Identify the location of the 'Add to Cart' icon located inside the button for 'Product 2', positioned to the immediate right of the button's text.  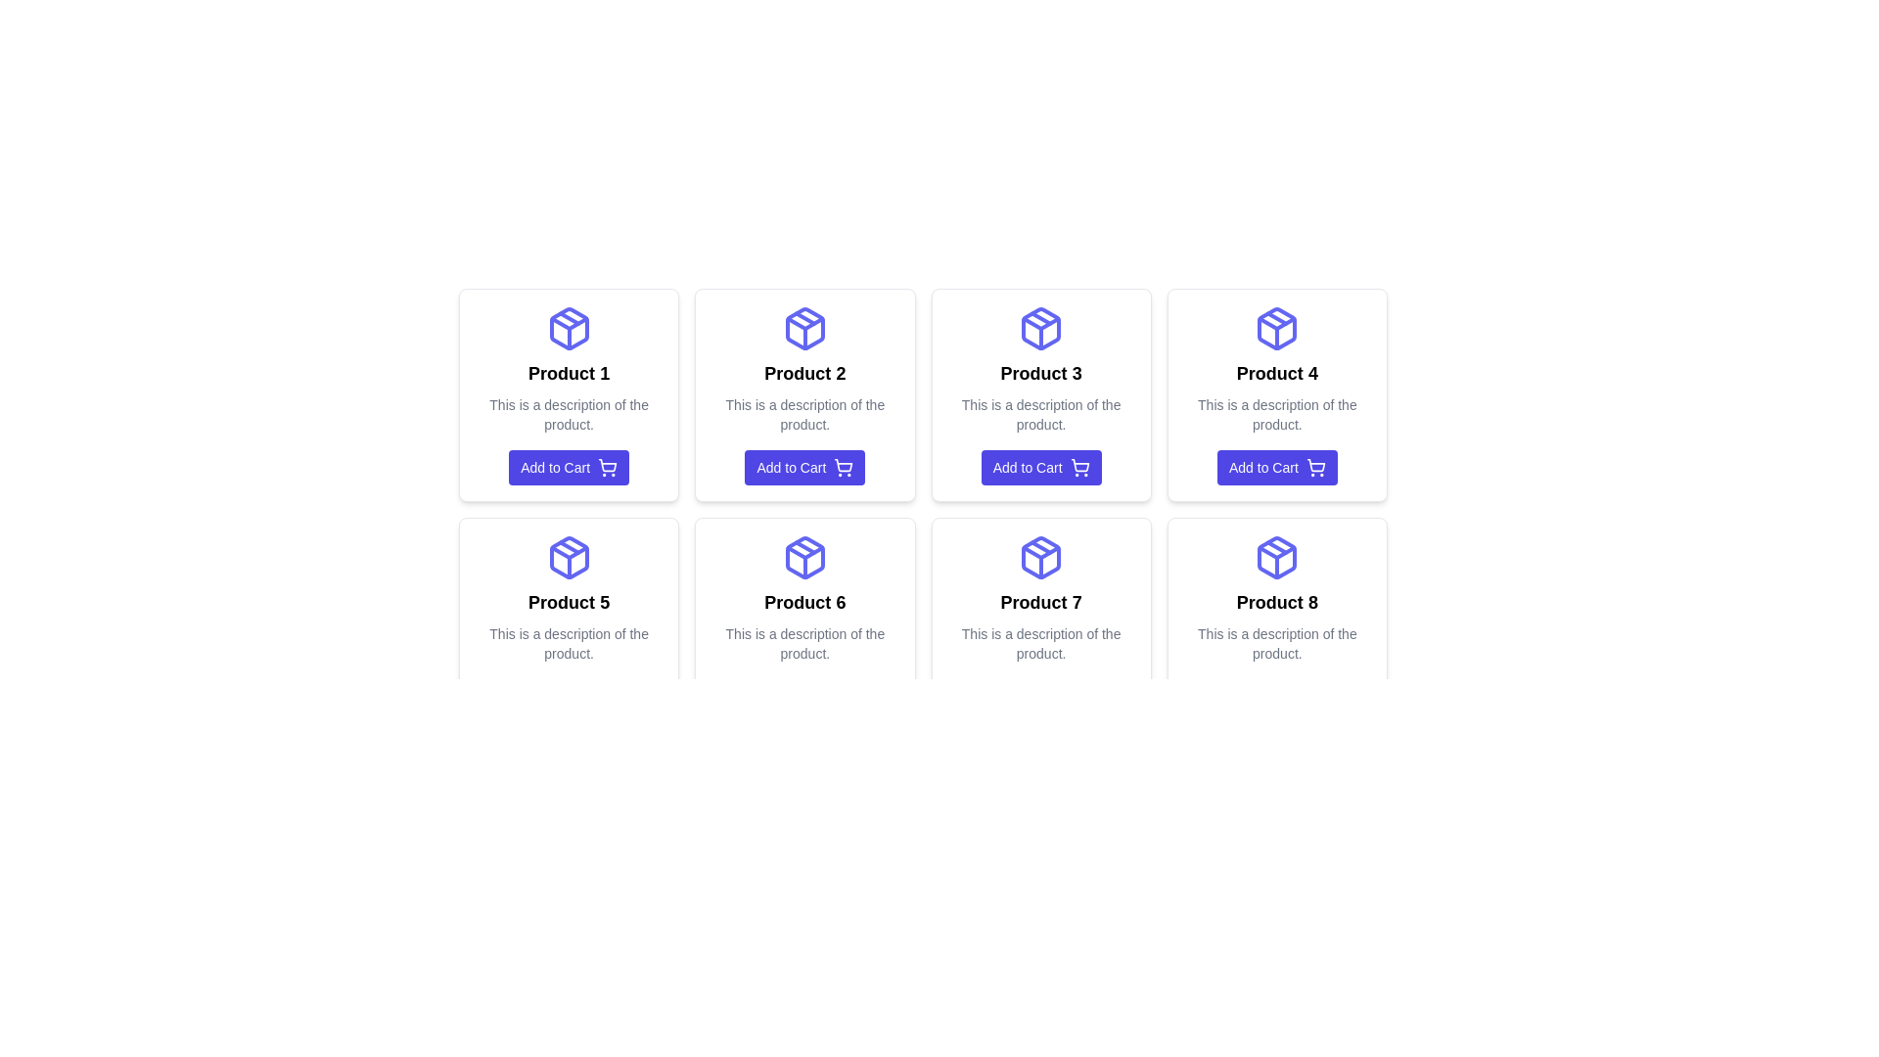
(844, 468).